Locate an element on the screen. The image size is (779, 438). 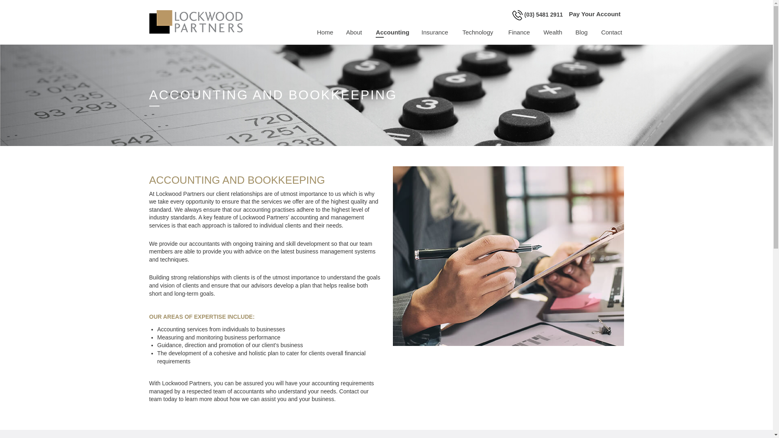
'Wealth' is located at coordinates (537, 32).